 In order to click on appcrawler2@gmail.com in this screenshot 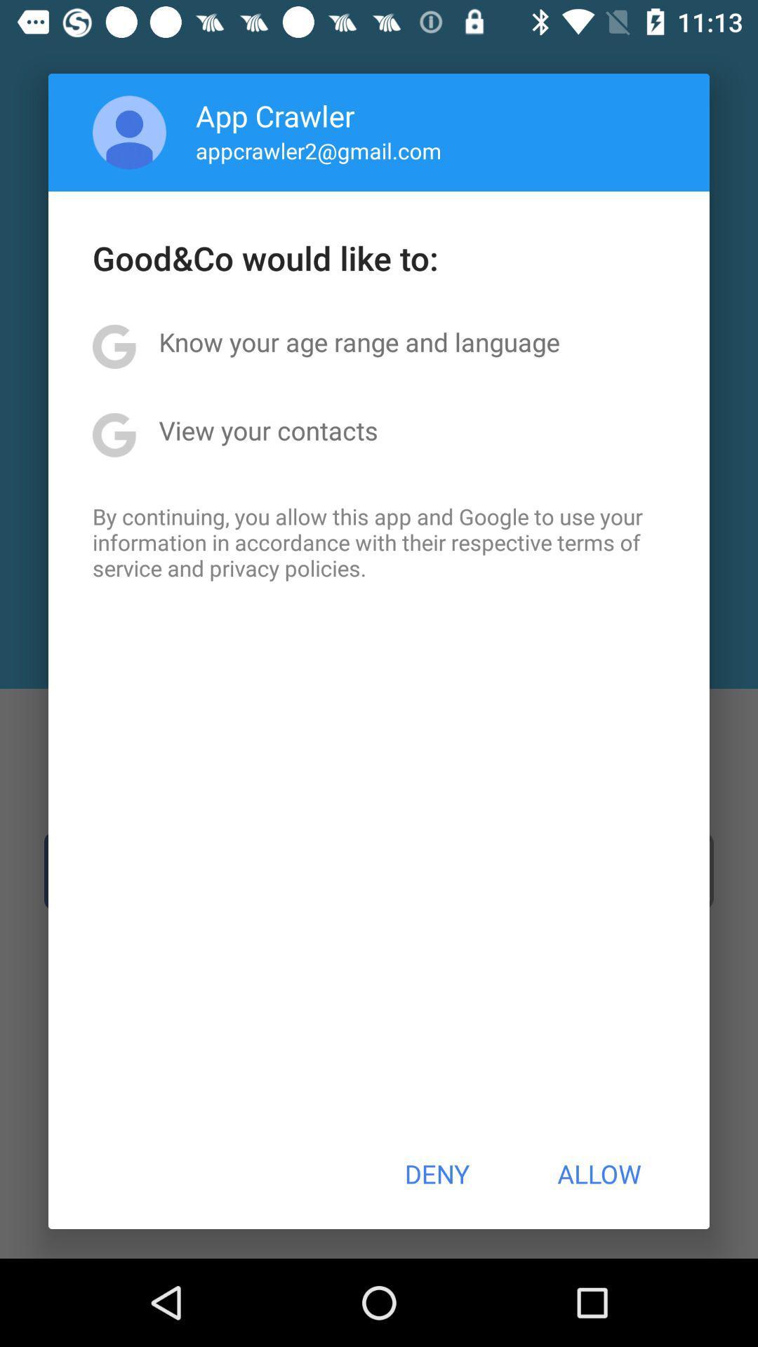, I will do `click(319, 150)`.